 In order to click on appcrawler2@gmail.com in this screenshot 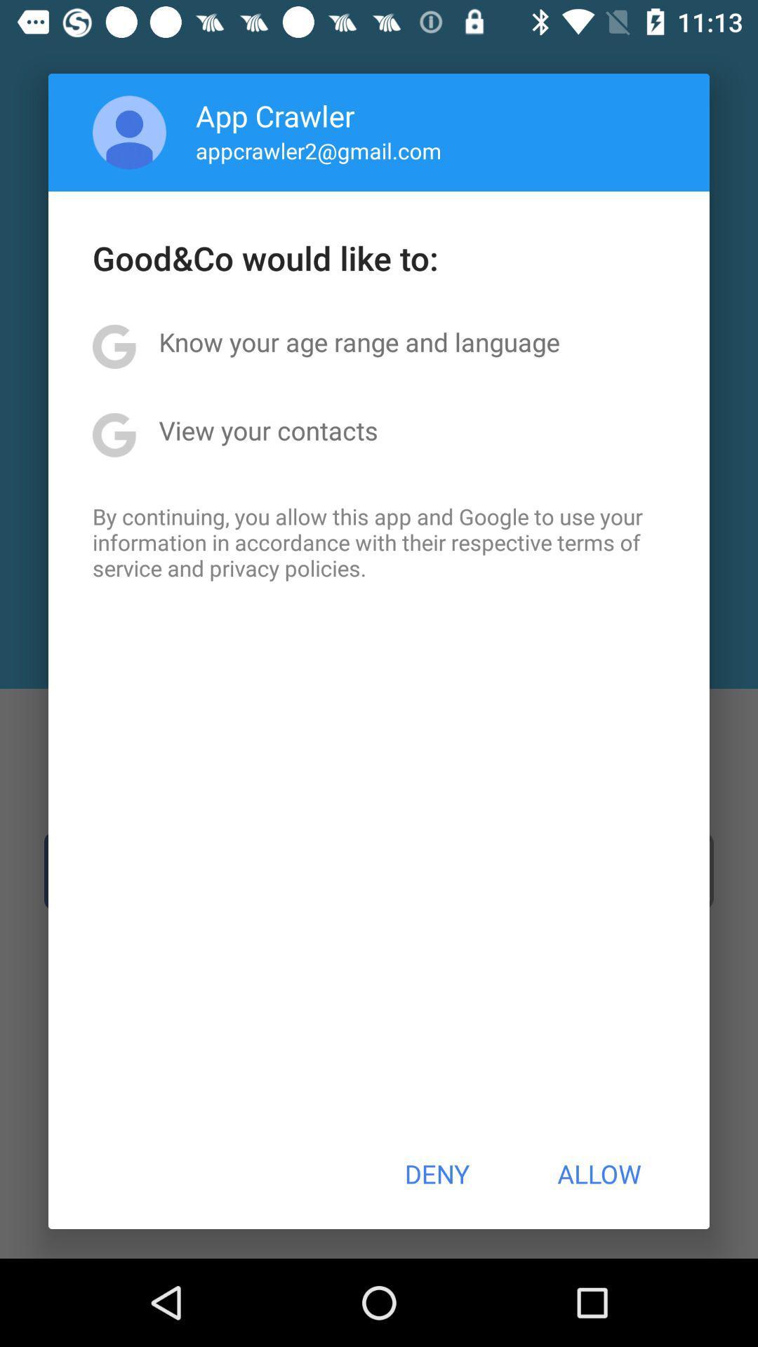, I will do `click(319, 150)`.